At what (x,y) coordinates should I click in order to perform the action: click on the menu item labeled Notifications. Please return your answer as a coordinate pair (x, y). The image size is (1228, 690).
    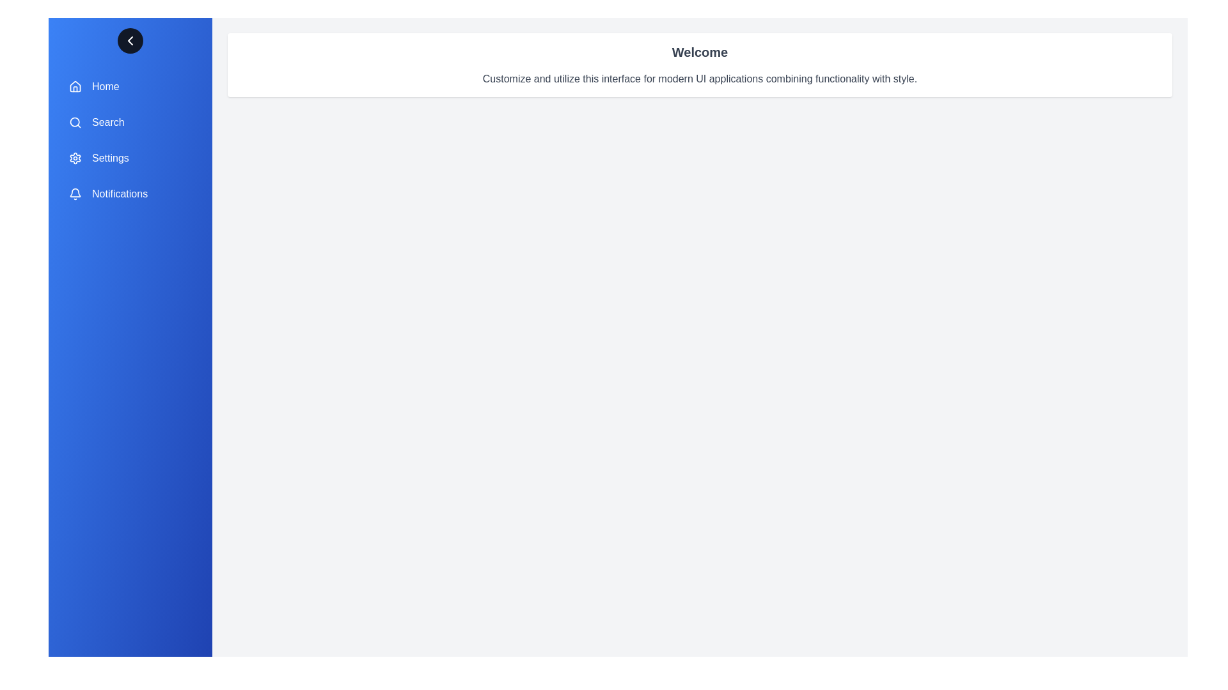
    Looking at the image, I should click on (130, 194).